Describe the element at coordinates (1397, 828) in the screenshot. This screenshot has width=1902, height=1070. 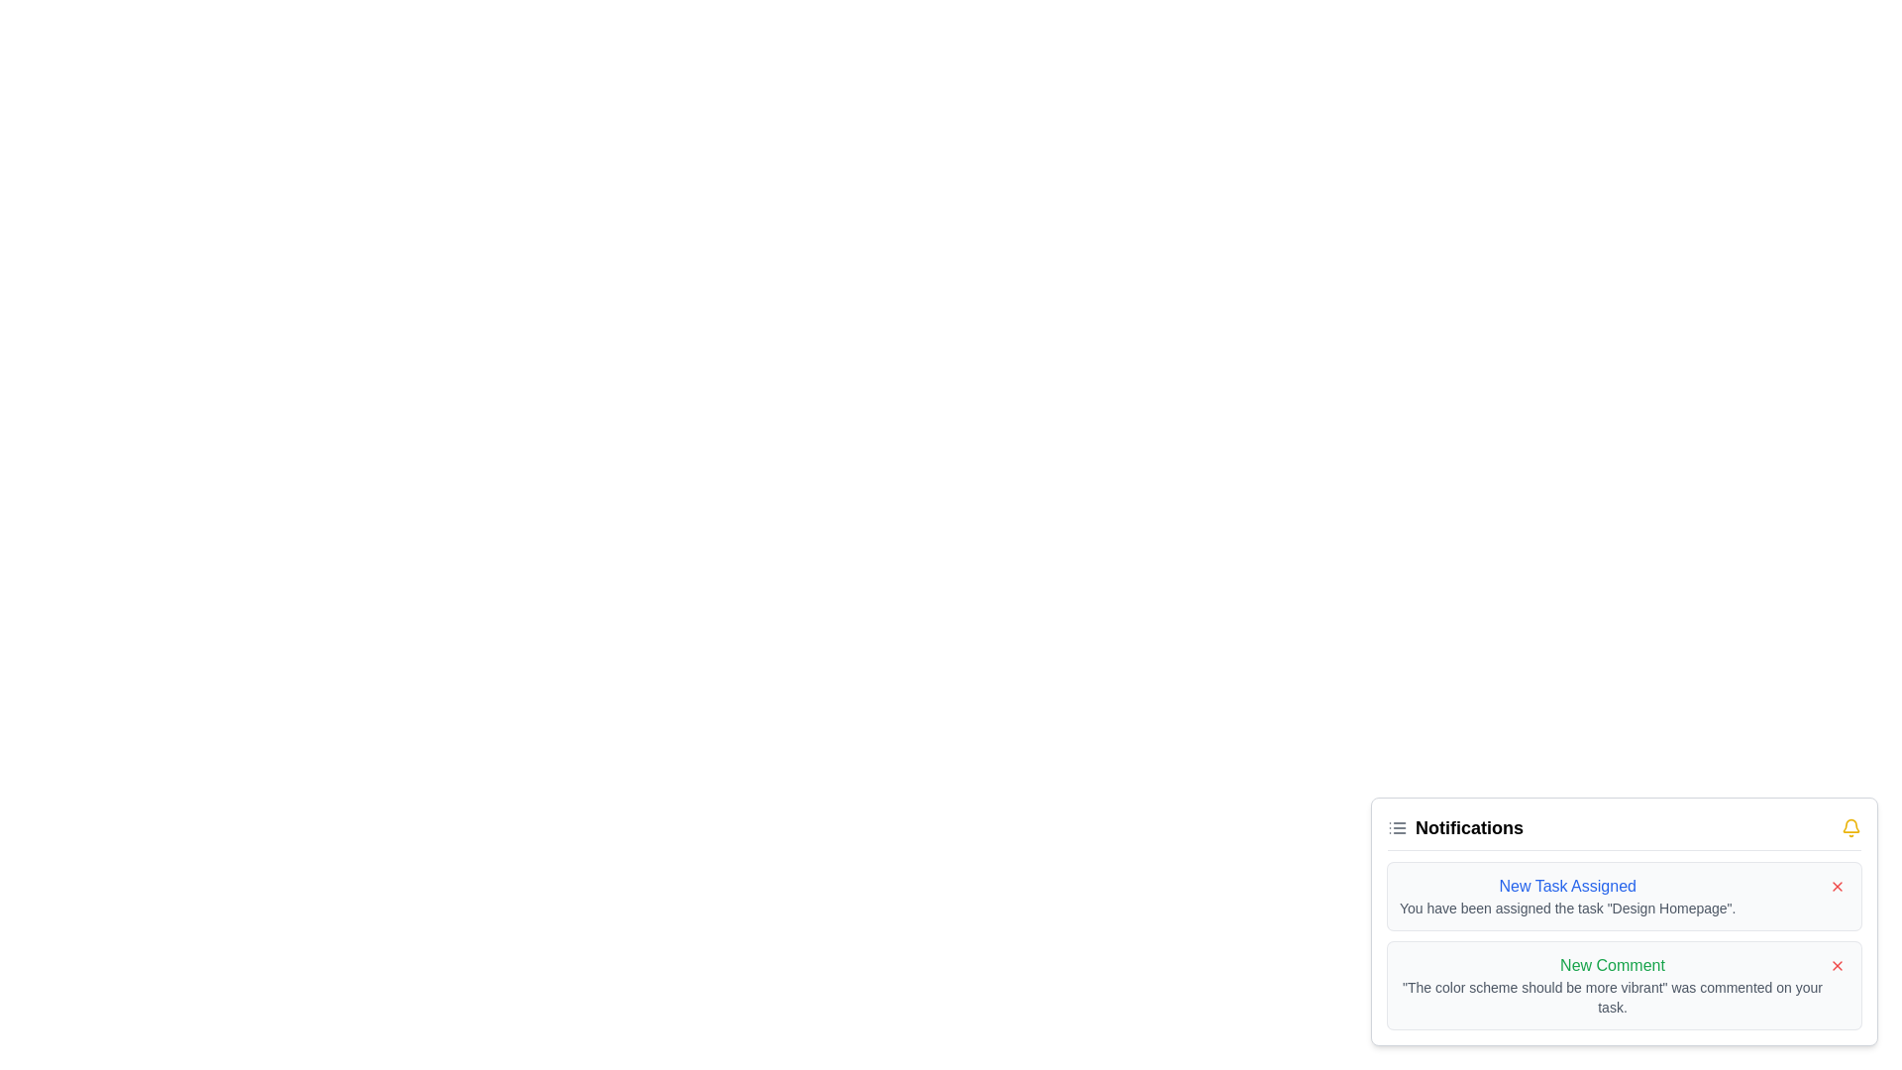
I see `the small gray list icon located to the left of the 'Notifications' text in the Notifications panel` at that location.